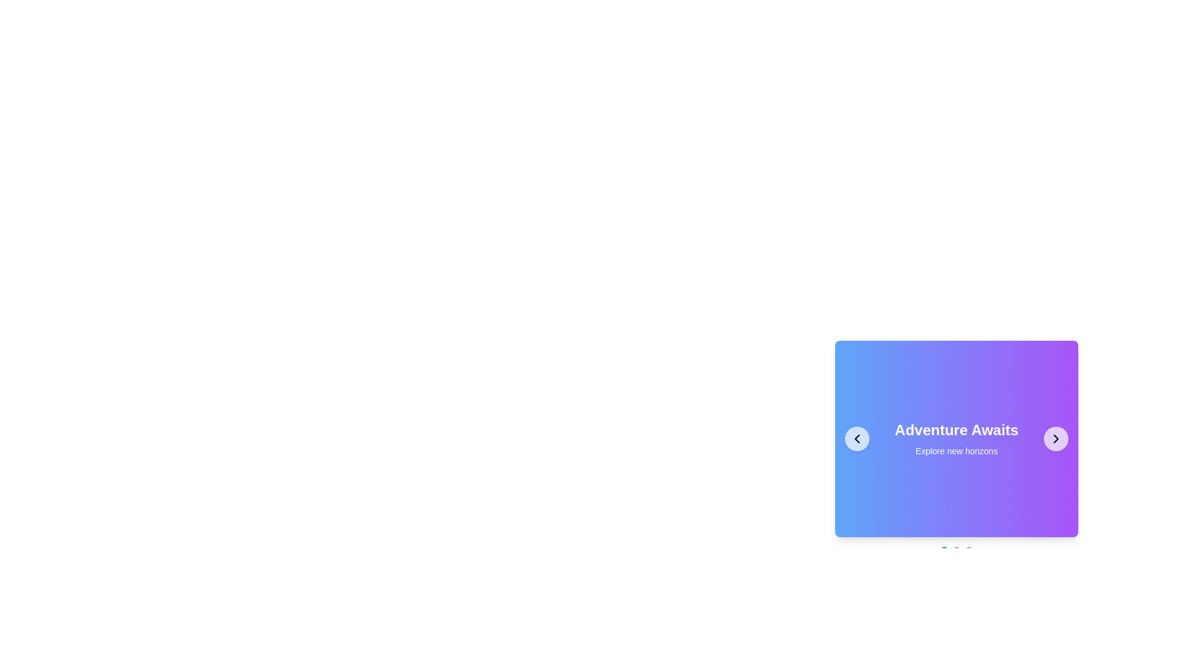 The image size is (1179, 663). Describe the element at coordinates (956, 430) in the screenshot. I see `the Text Label that serves as a title or headline, positioned near the center of the interface's right section, directly above the smaller text 'Explore new horizons'` at that location.